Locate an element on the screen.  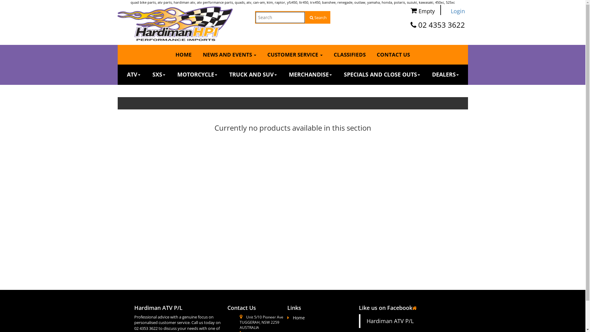
'MERCHANDISE' is located at coordinates (310, 74).